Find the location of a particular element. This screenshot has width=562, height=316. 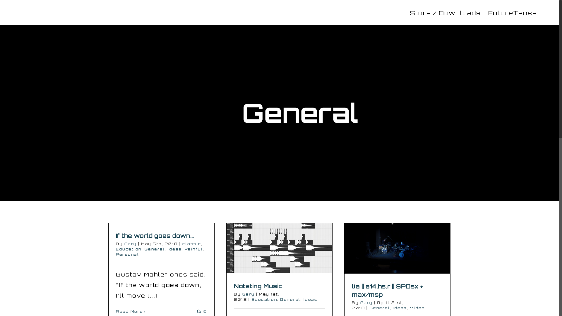

'Personal' is located at coordinates (116, 254).